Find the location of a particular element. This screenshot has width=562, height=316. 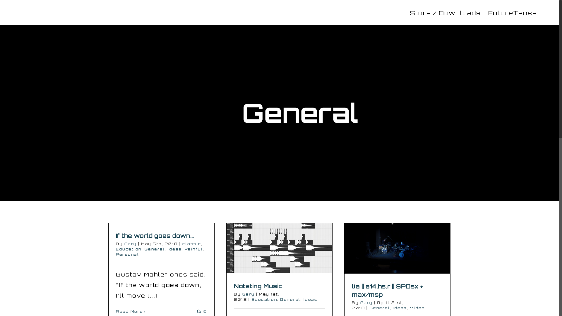

'Personal' is located at coordinates (116, 254).